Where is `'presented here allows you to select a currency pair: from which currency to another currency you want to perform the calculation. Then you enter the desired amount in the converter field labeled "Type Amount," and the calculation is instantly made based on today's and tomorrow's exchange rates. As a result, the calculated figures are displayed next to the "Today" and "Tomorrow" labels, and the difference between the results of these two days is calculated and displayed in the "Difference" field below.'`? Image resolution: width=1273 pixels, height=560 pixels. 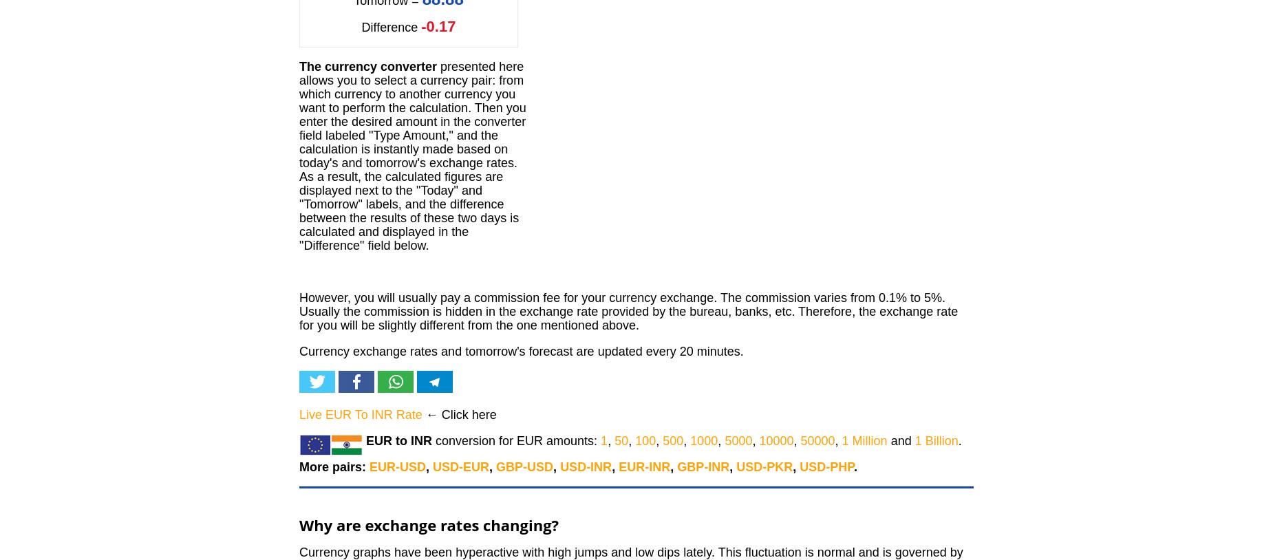
'presented here allows you to select a currency pair: from which currency to another currency you want to perform the calculation. Then you enter the desired amount in the converter field labeled "Type Amount," and the calculation is instantly made based on today's and tomorrow's exchange rates. As a result, the calculated figures are displayed next to the "Today" and "Tomorrow" labels, and the difference between the results of these two days is calculated and displayed in the "Difference" field below.' is located at coordinates (412, 156).